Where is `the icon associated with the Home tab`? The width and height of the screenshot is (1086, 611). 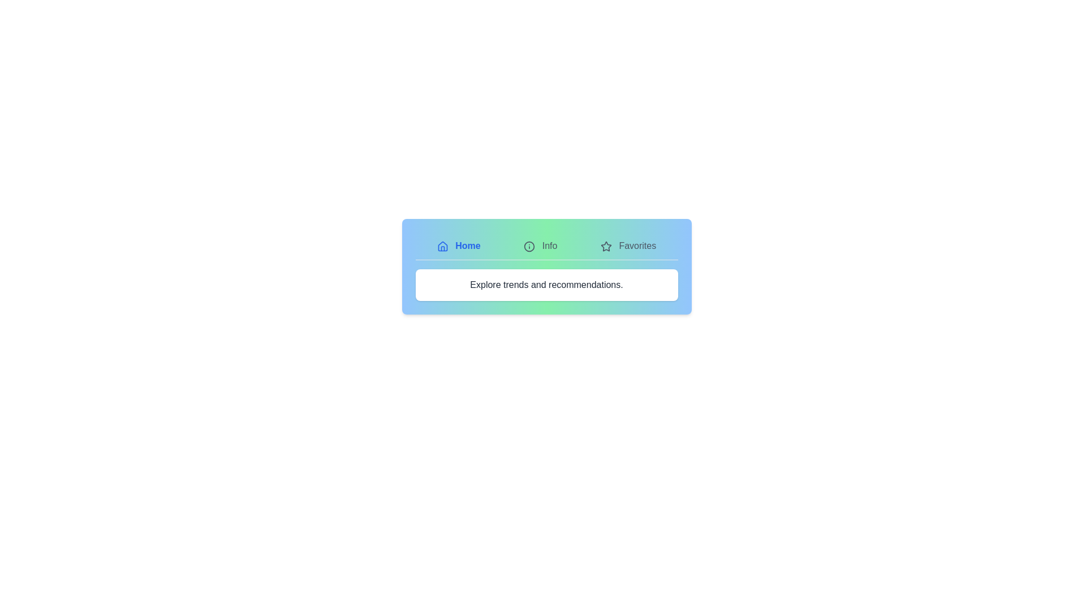 the icon associated with the Home tab is located at coordinates (442, 246).